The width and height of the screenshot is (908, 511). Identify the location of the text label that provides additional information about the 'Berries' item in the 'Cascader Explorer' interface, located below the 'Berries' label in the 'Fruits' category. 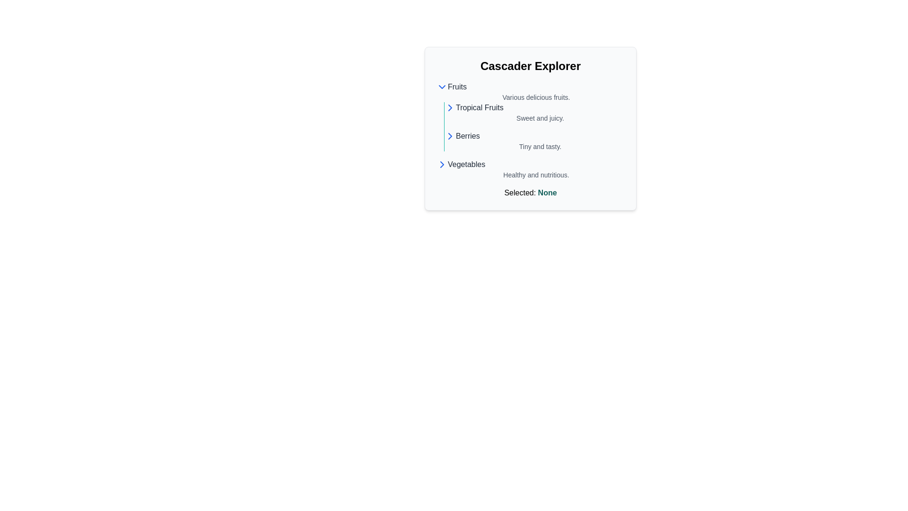
(540, 146).